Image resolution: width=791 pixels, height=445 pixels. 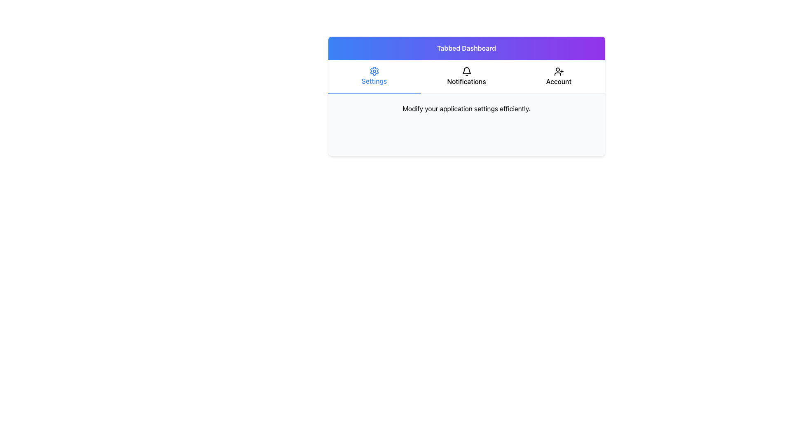 What do you see at coordinates (559, 81) in the screenshot?
I see `the text label at the far-right end of the navigation bar, which identifies the 'Account' section` at bounding box center [559, 81].